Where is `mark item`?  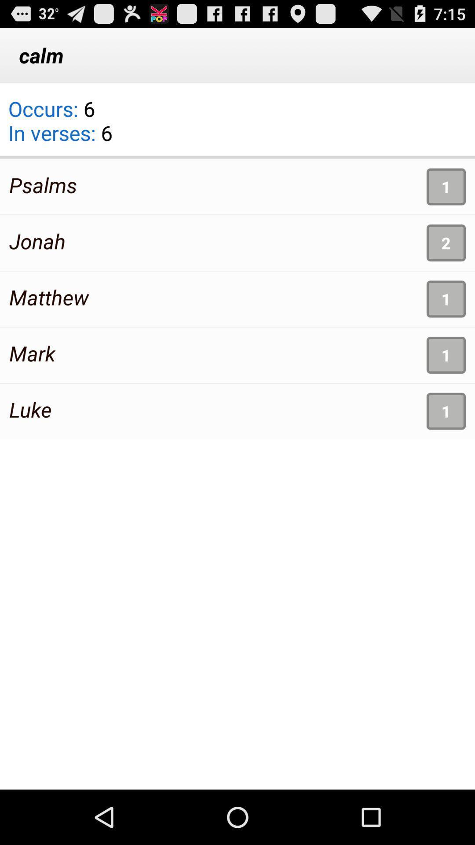 mark item is located at coordinates (32, 353).